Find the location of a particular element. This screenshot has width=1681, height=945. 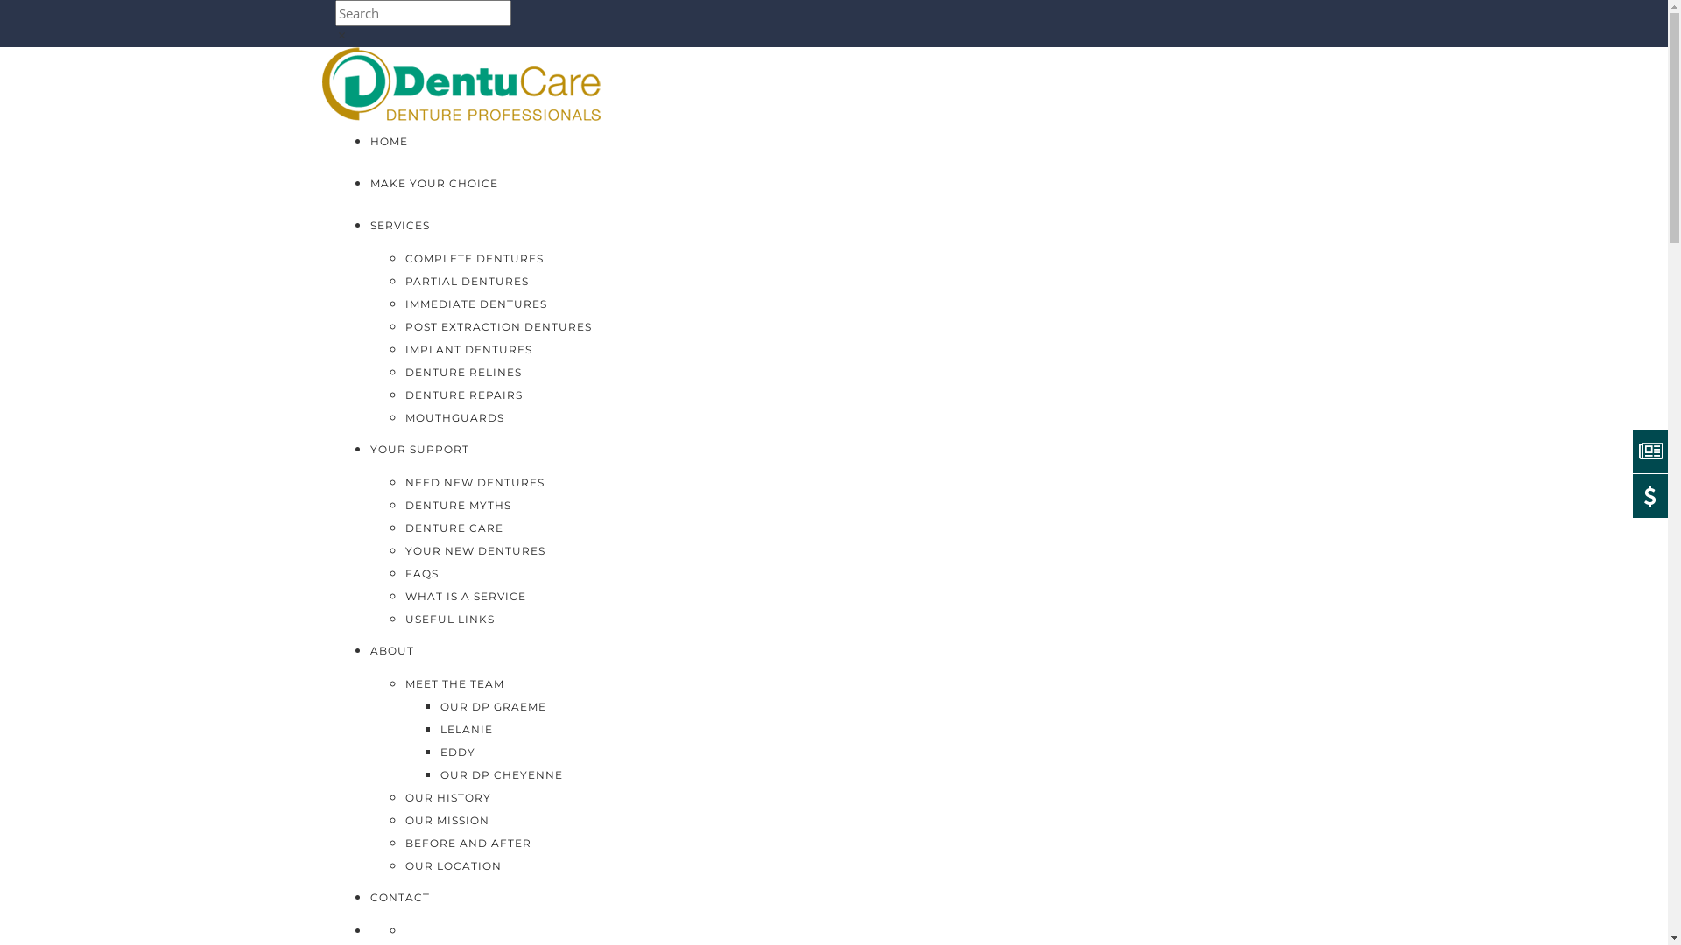

'COMPLETE DENTURES' is located at coordinates (474, 258).